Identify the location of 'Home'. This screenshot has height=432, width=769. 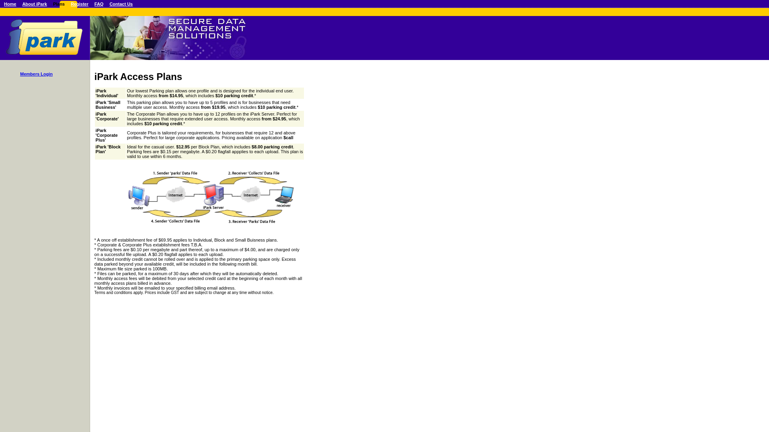
(10, 4).